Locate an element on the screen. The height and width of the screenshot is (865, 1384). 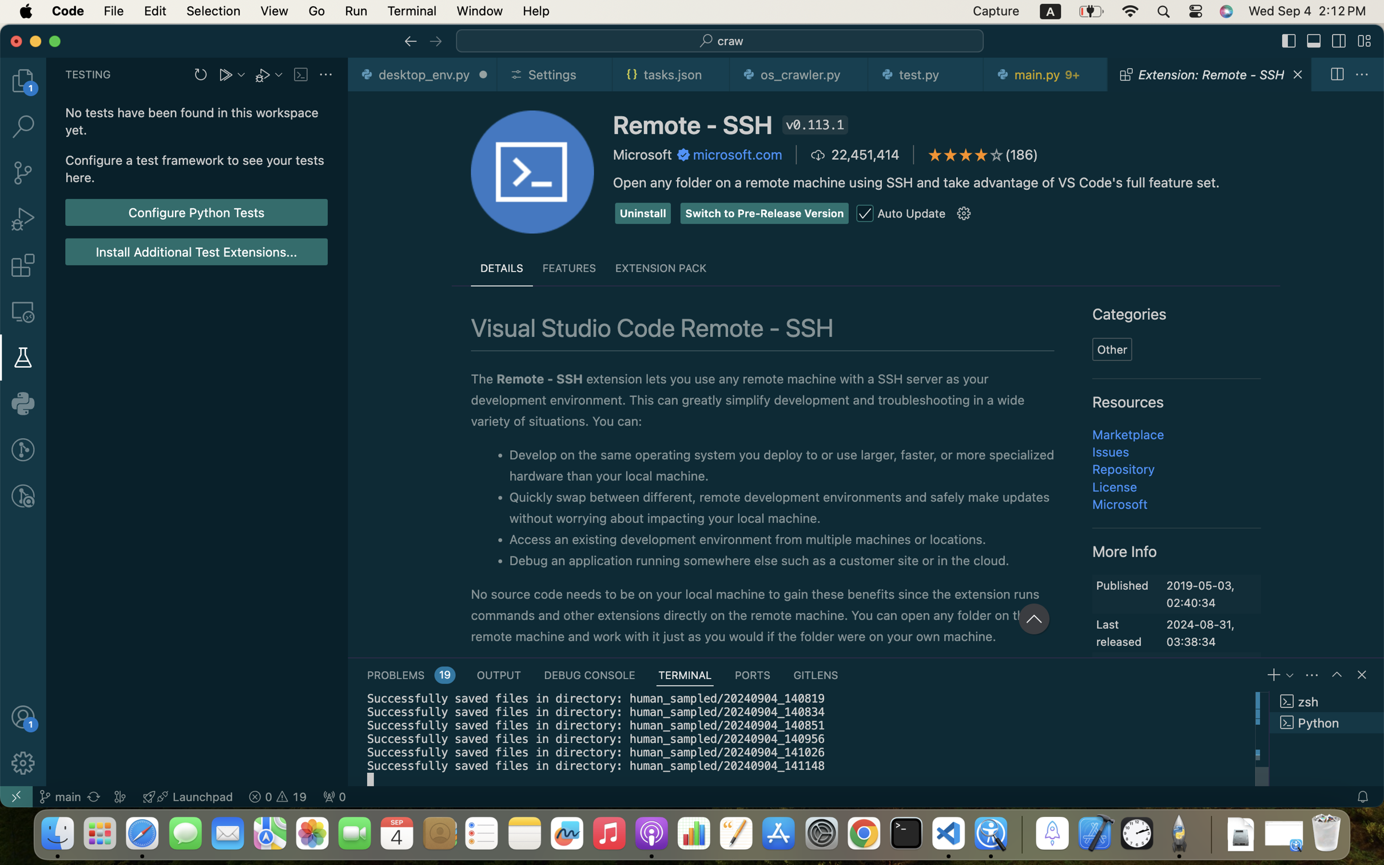
'' is located at coordinates (1337, 74).